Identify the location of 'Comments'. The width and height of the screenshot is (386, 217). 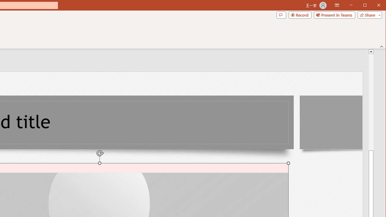
(281, 15).